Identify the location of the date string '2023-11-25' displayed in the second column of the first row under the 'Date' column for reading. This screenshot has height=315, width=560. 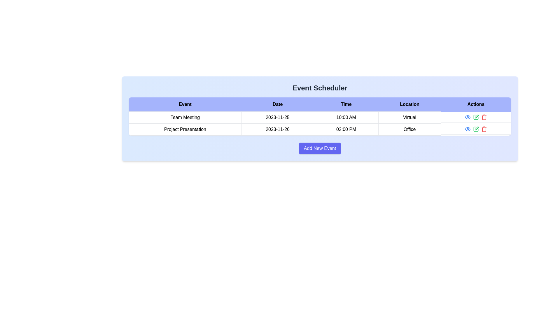
(277, 117).